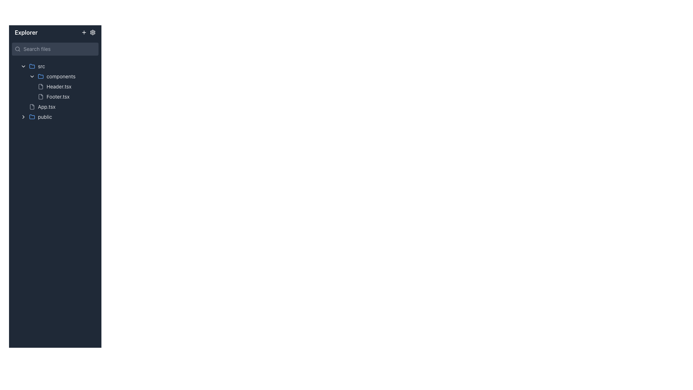  What do you see at coordinates (44, 117) in the screenshot?
I see `the 'public' label which is styled in gray and located next` at bounding box center [44, 117].